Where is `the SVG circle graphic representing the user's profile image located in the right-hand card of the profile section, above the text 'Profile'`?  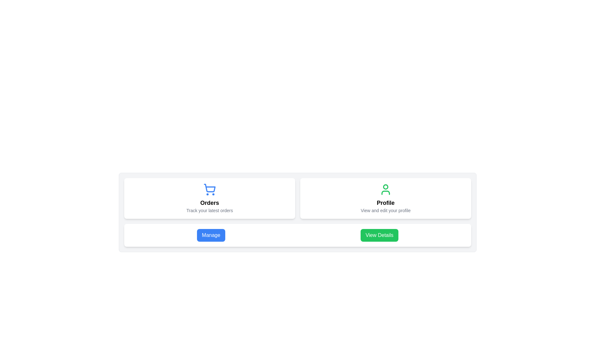
the SVG circle graphic representing the user's profile image located in the right-hand card of the profile section, above the text 'Profile' is located at coordinates (385, 186).